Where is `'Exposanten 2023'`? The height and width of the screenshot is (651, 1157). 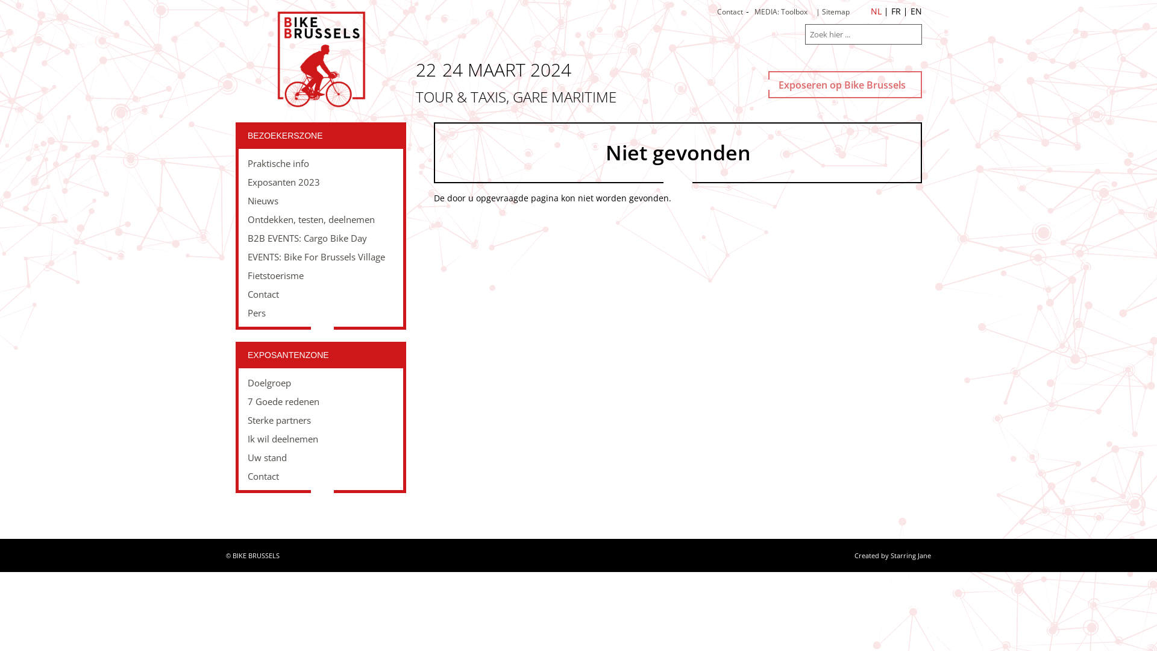
'Exposanten 2023' is located at coordinates (238, 182).